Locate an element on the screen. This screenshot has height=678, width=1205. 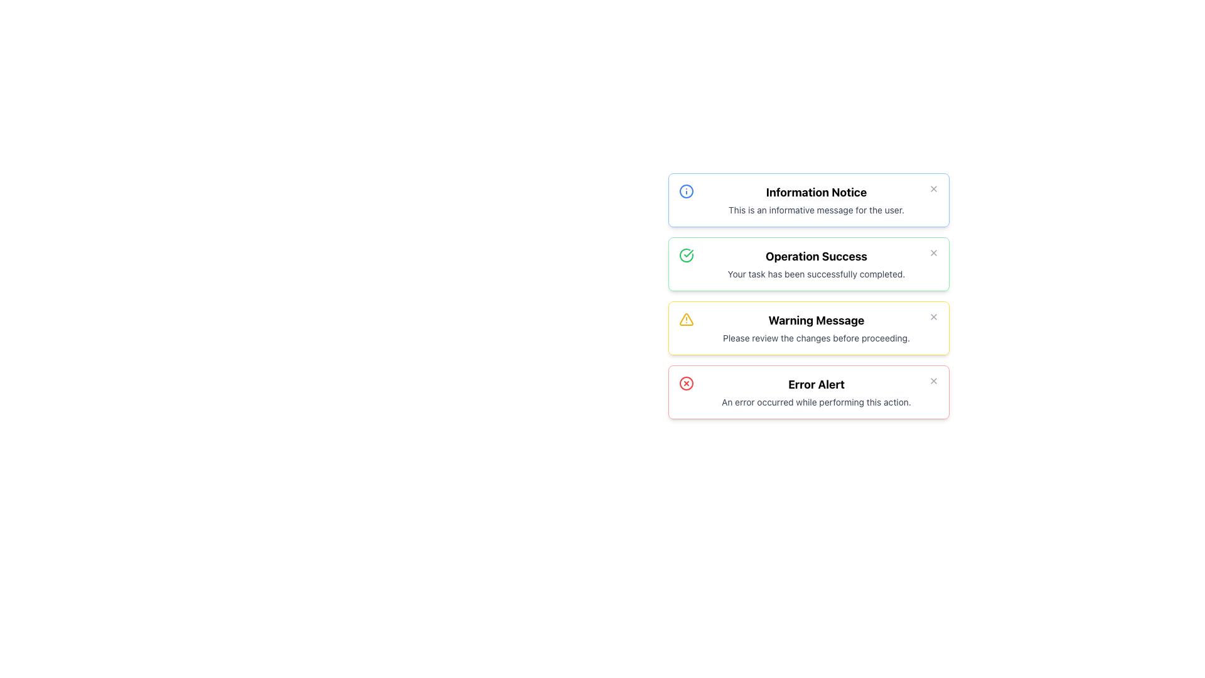
the success notification card that is the second in a vertical list of four cards, positioned below 'Information Notice' and above 'Warning Message' is located at coordinates (809, 263).